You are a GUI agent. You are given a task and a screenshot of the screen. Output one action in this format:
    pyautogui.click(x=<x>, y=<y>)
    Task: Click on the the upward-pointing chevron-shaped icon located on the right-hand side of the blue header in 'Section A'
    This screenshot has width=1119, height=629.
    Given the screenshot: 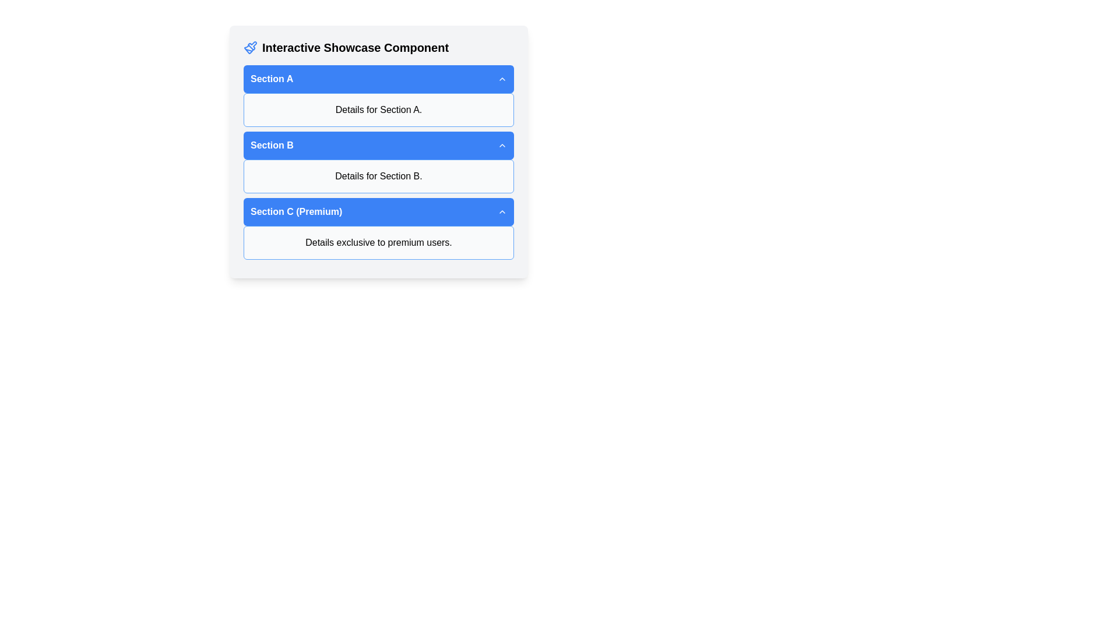 What is the action you would take?
    pyautogui.click(x=502, y=79)
    